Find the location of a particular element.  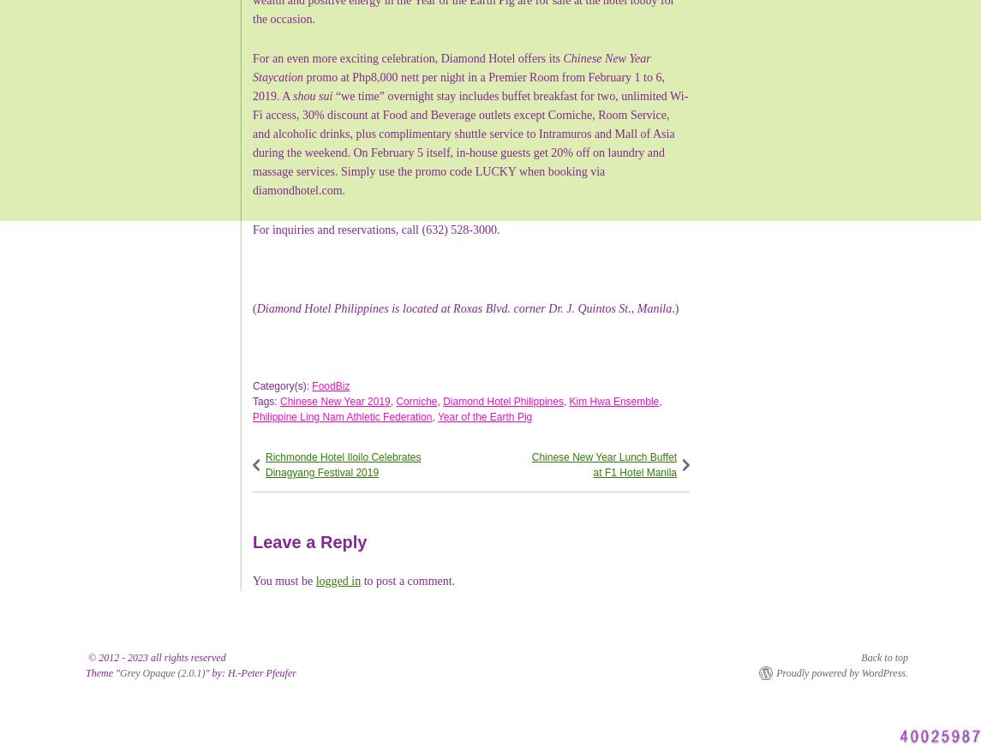

'For an even more exciting celebration, Diamond Hotel offers its' is located at coordinates (251, 57).